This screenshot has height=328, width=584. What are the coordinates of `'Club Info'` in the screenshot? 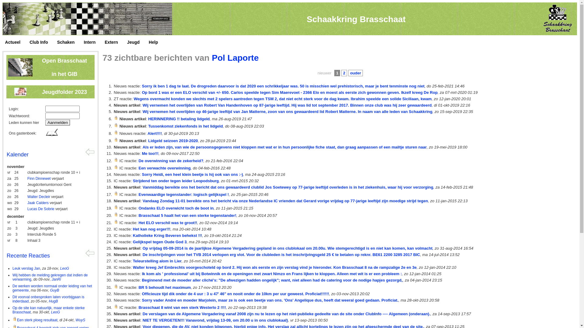 It's located at (29, 42).